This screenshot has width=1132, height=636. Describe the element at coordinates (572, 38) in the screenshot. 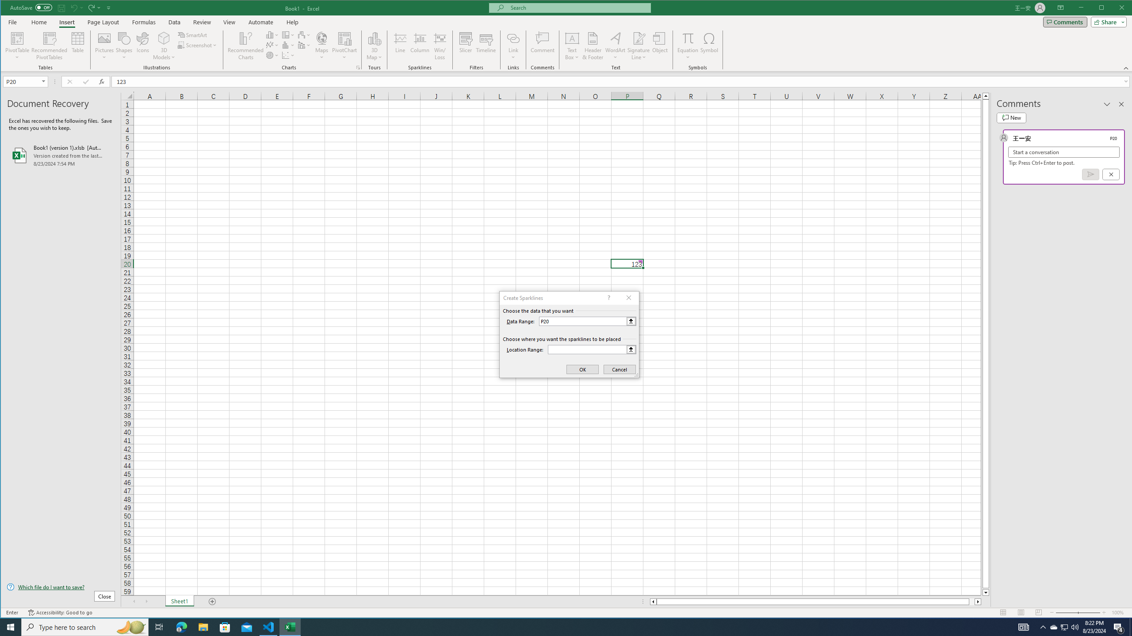

I see `'Draw Horizontal Text Box'` at that location.